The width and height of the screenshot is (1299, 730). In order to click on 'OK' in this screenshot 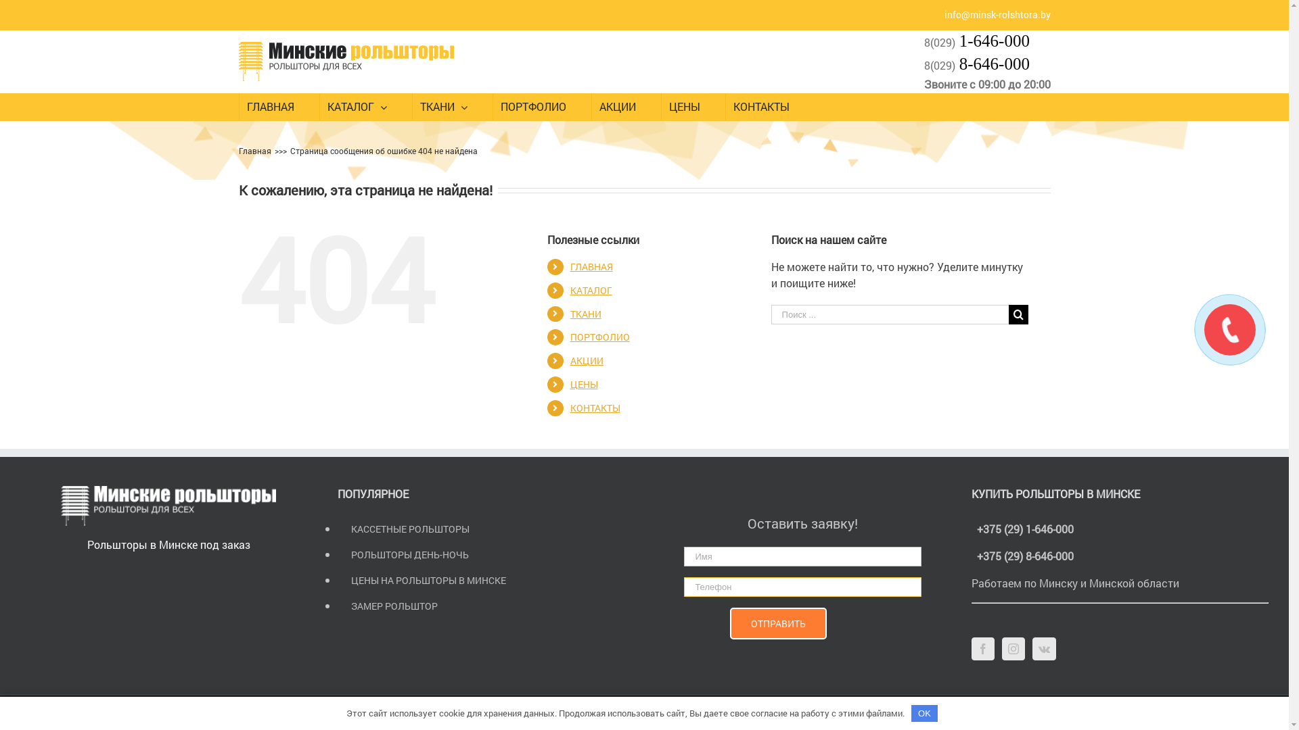, I will do `click(924, 712)`.